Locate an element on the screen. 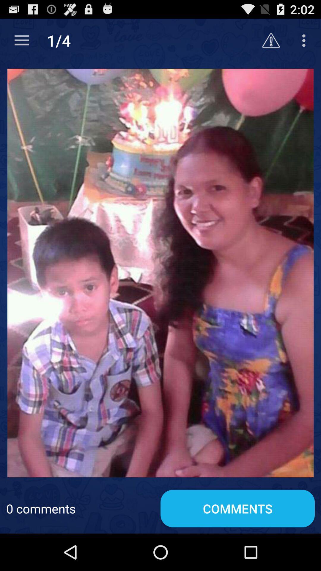 The image size is (321, 571). the icon at the center is located at coordinates (160, 272).